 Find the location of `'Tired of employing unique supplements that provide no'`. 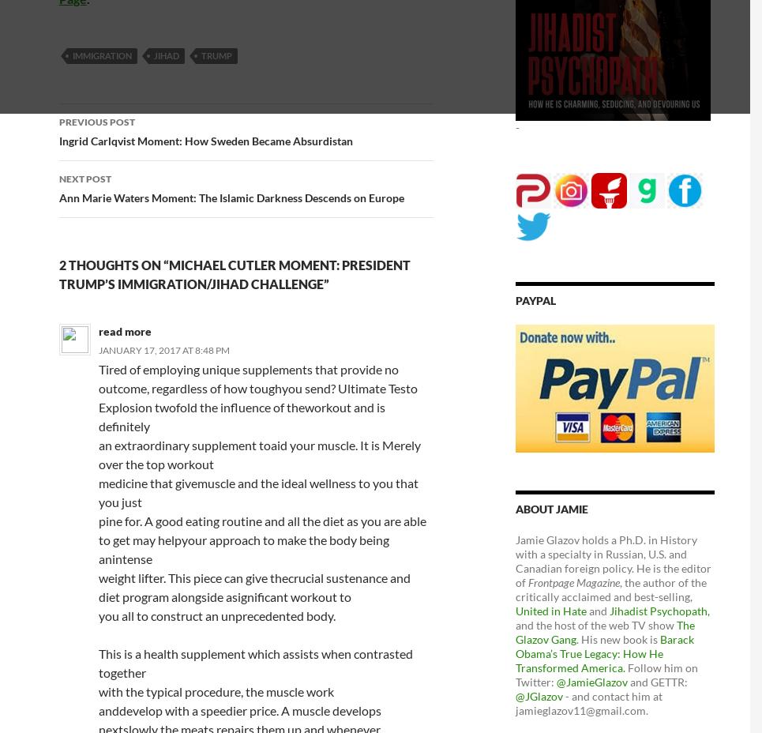

'Tired of employing unique supplements that provide no' is located at coordinates (247, 368).